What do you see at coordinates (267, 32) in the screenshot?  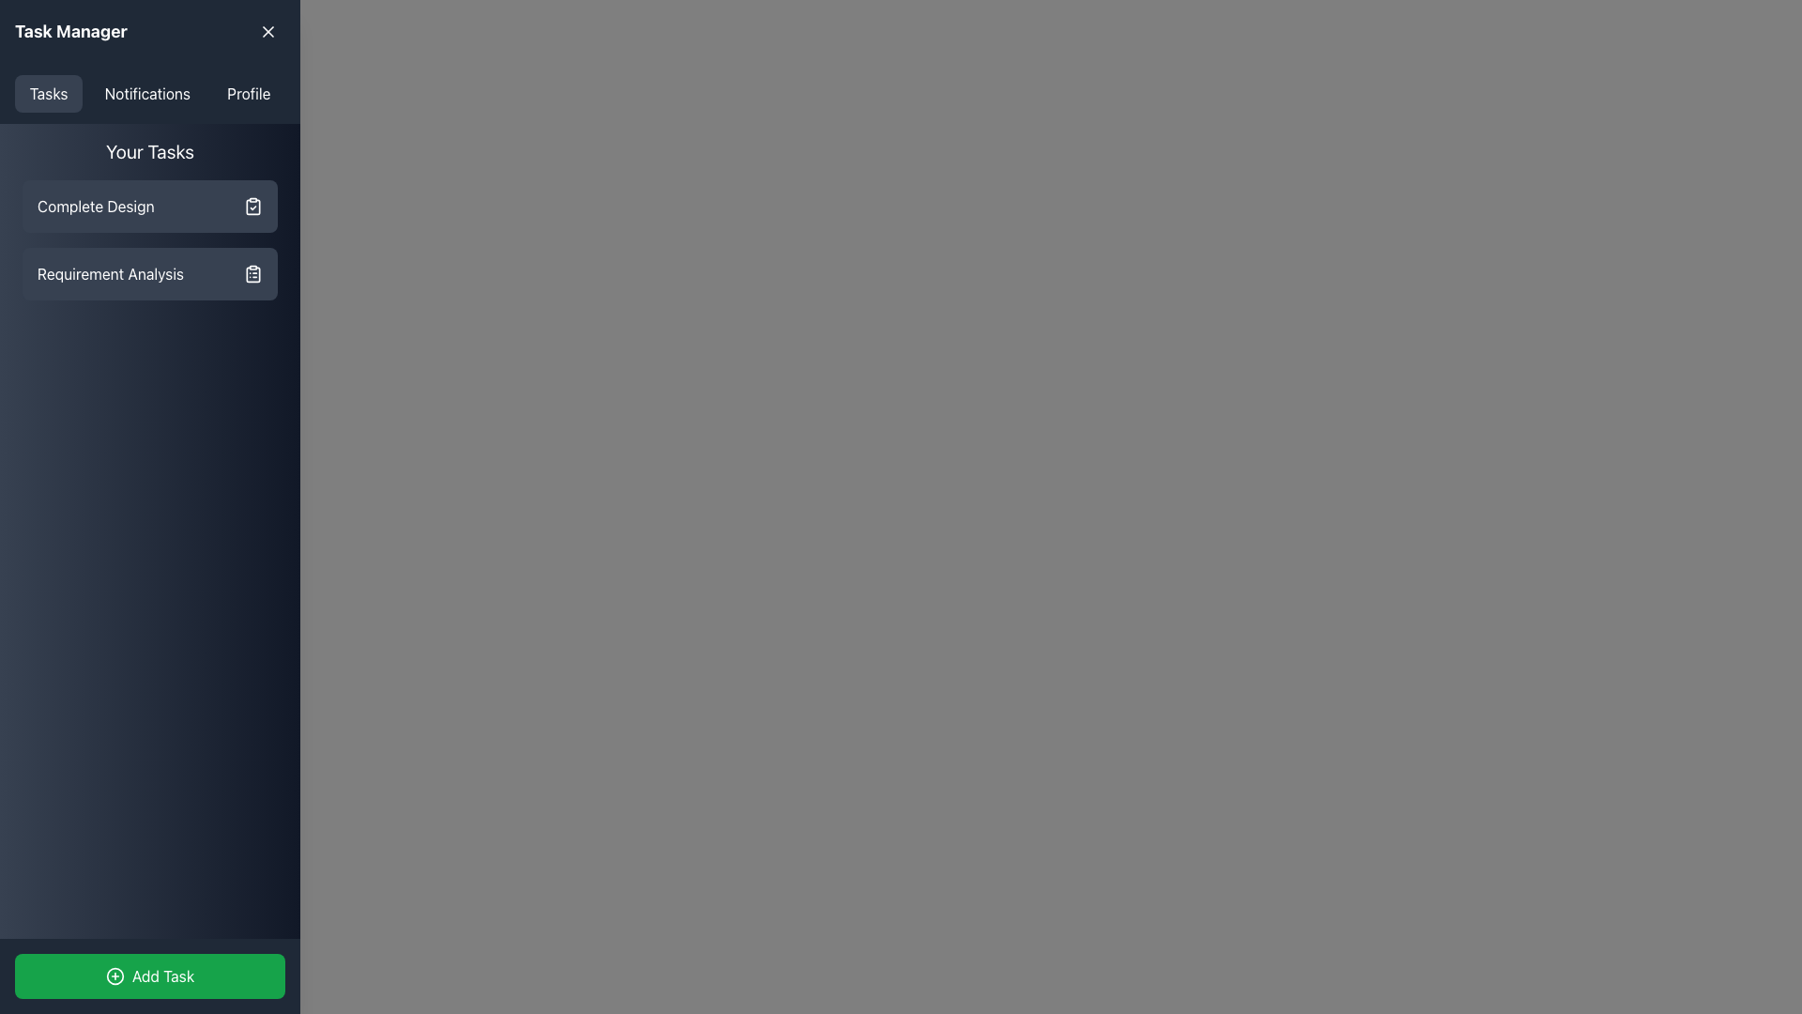 I see `the diagonal line of the 'X' icon located in the top-left corner of the interface` at bounding box center [267, 32].